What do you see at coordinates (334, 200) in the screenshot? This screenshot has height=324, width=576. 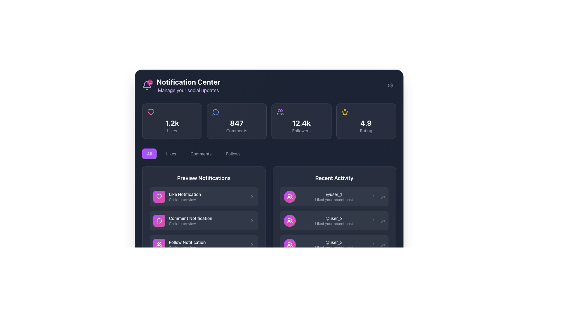 I see `text label indicating that user '@user_1' liked a recent post, located below the username in the 'Recent Activity' section` at bounding box center [334, 200].